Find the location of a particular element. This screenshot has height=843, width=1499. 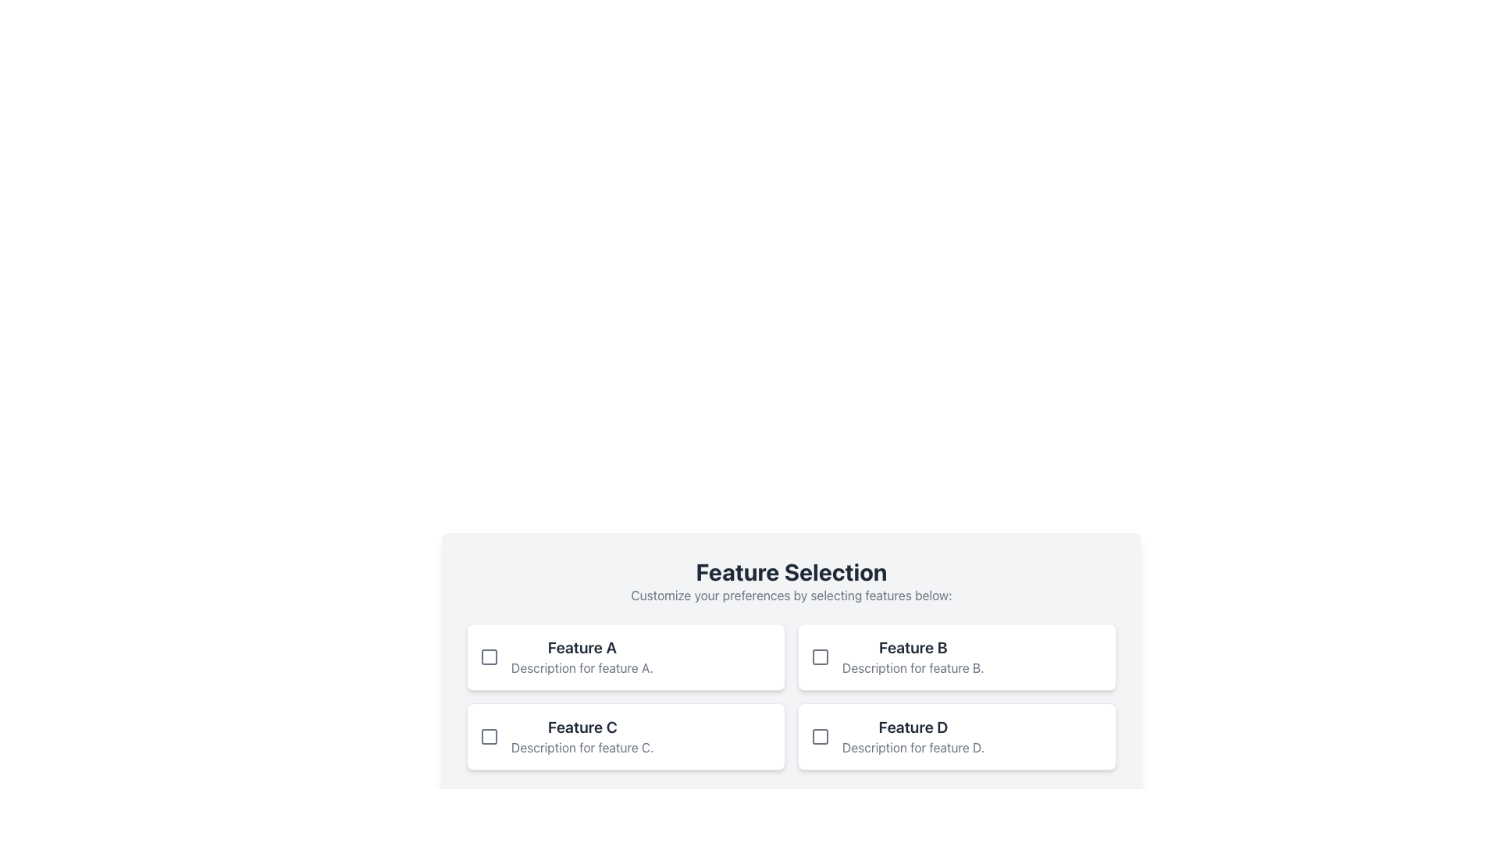

the visual indicator within the checkbox for 'Feature A', located in the top-left corner of the first item in the list of selectable features is located at coordinates (489, 656).